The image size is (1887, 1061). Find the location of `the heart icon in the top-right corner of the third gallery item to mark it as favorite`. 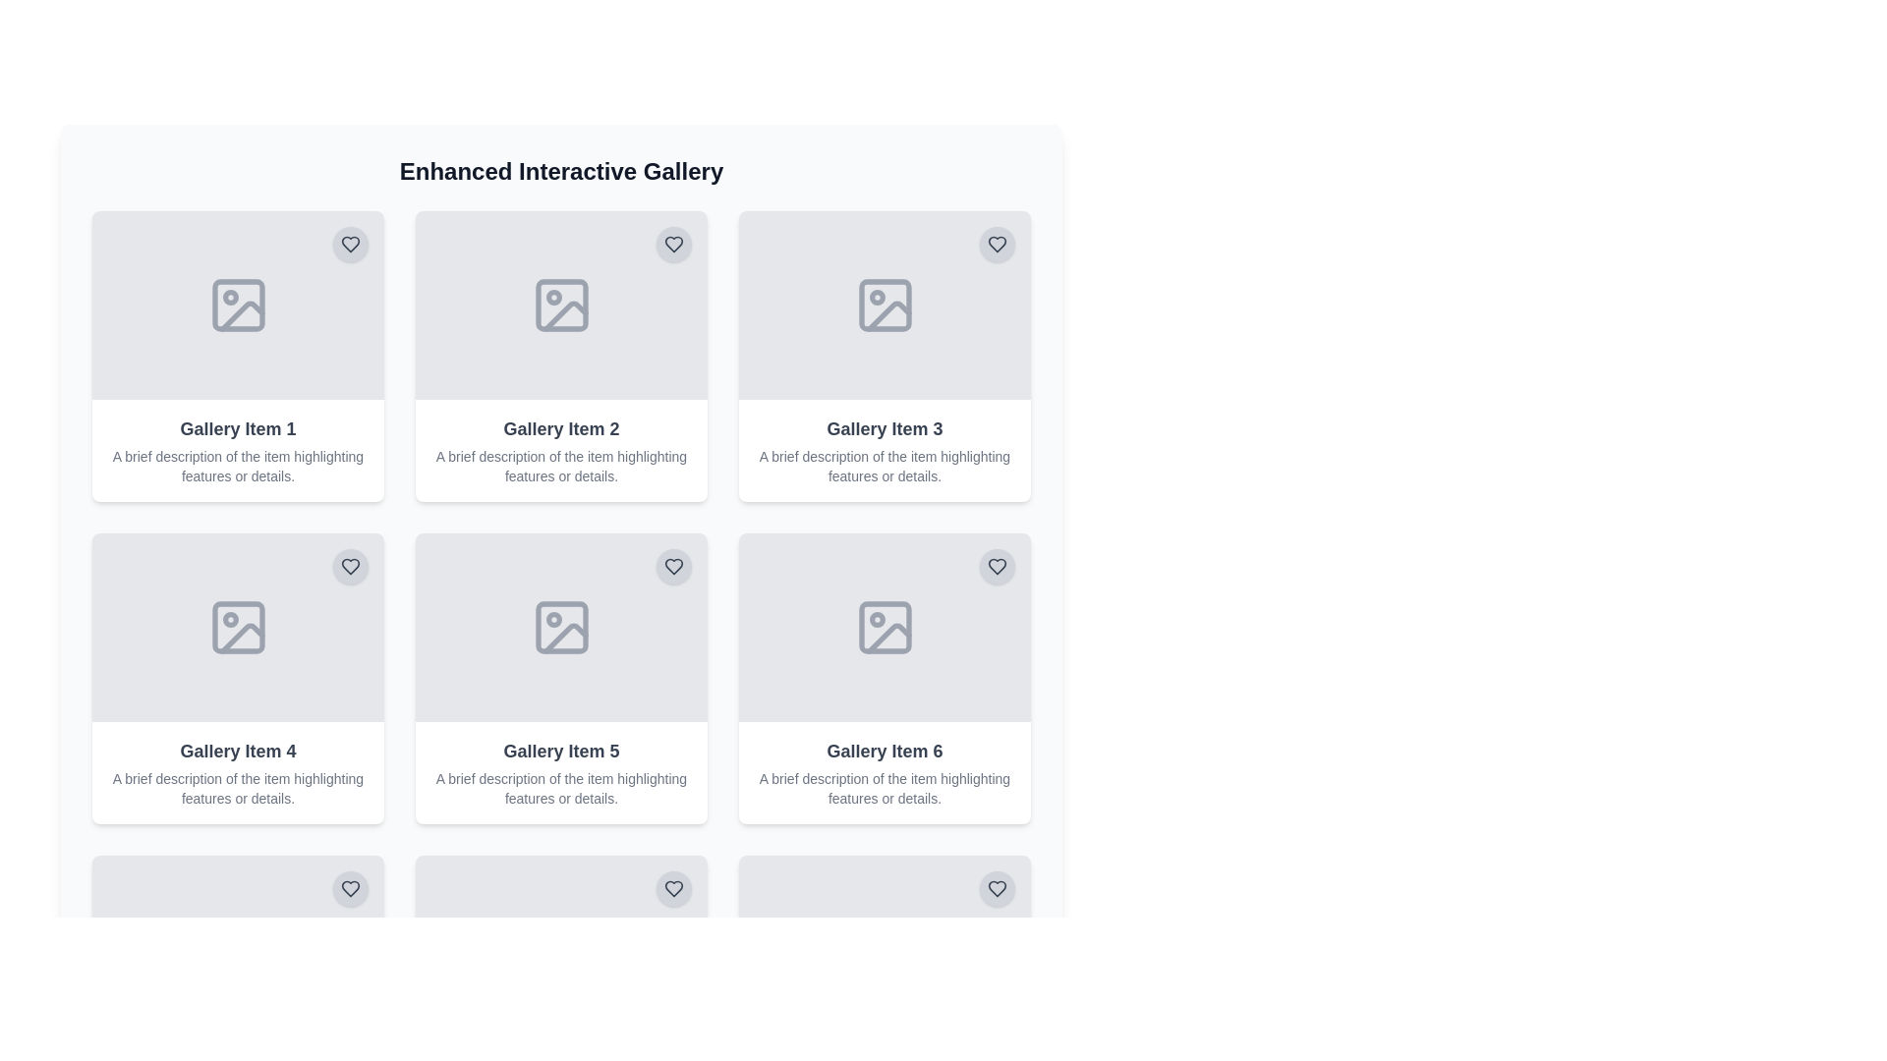

the heart icon in the top-right corner of the third gallery item to mark it as favorite is located at coordinates (997, 244).